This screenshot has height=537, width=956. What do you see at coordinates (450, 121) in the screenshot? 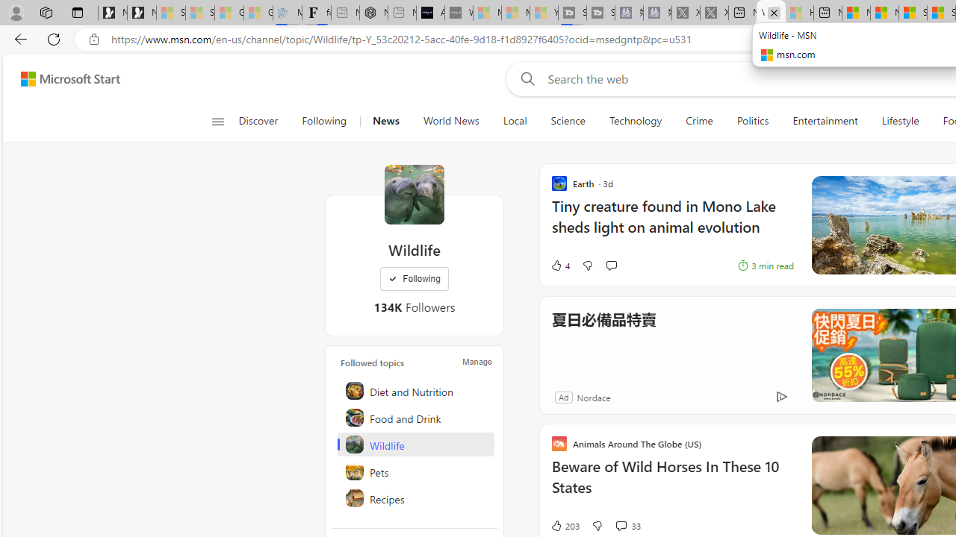
I see `'World News'` at bounding box center [450, 121].